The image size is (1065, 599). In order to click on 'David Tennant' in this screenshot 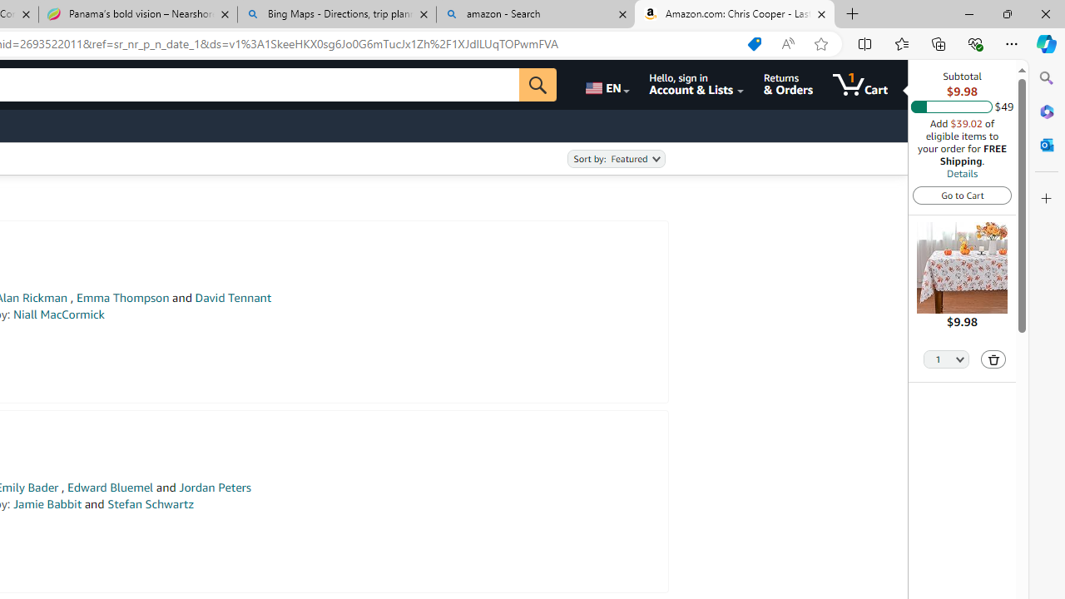, I will do `click(232, 297)`.